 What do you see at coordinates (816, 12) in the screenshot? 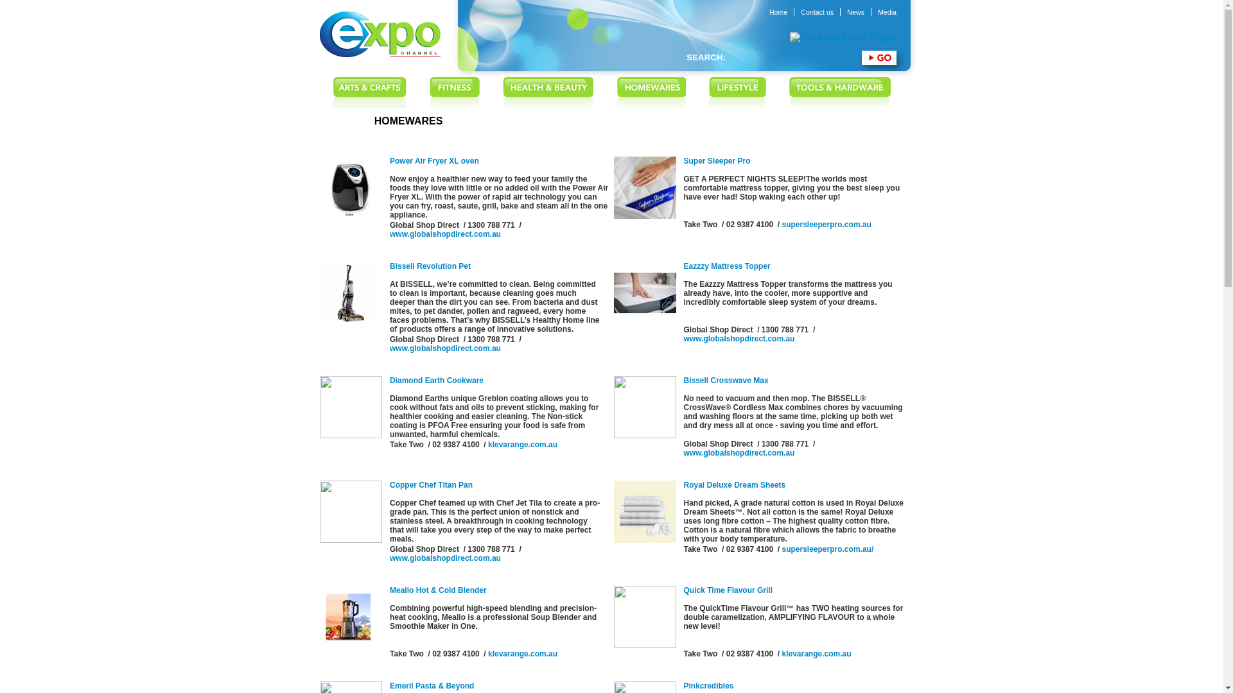
I see `'Contact us'` at bounding box center [816, 12].